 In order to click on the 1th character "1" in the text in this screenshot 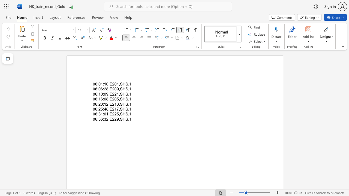, I will do `click(102, 114)`.